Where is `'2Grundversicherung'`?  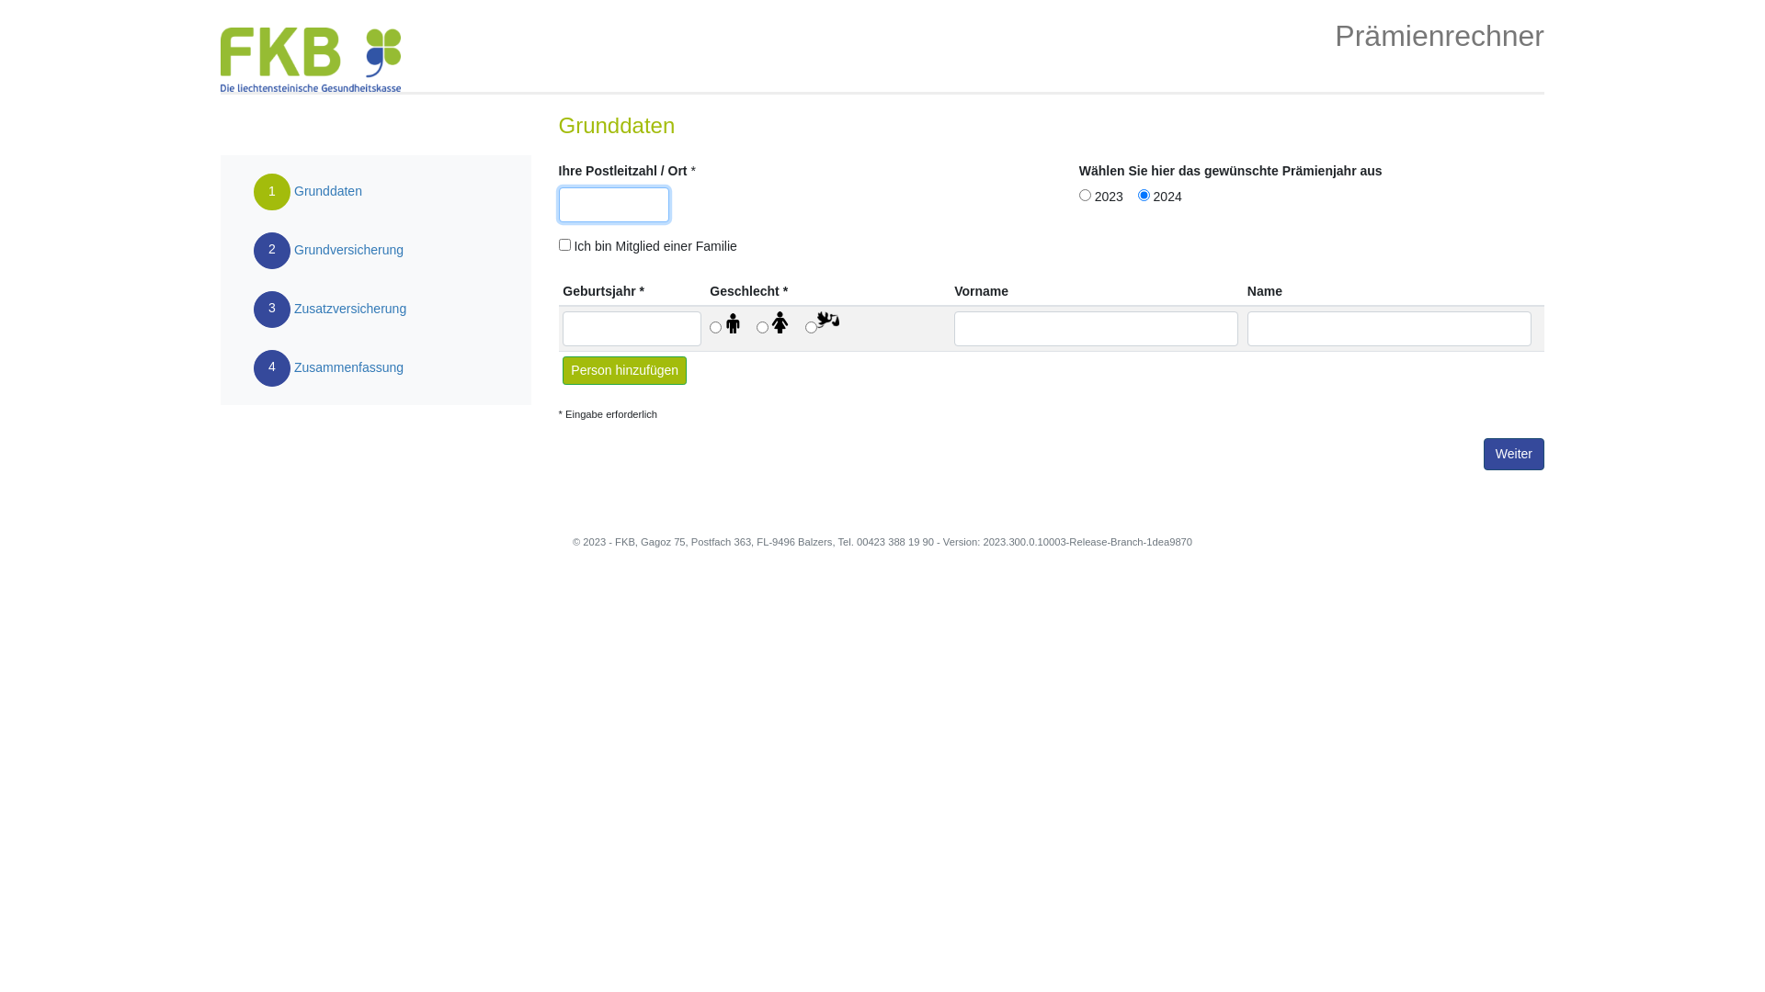
'2Grundversicherung' is located at coordinates (327, 251).